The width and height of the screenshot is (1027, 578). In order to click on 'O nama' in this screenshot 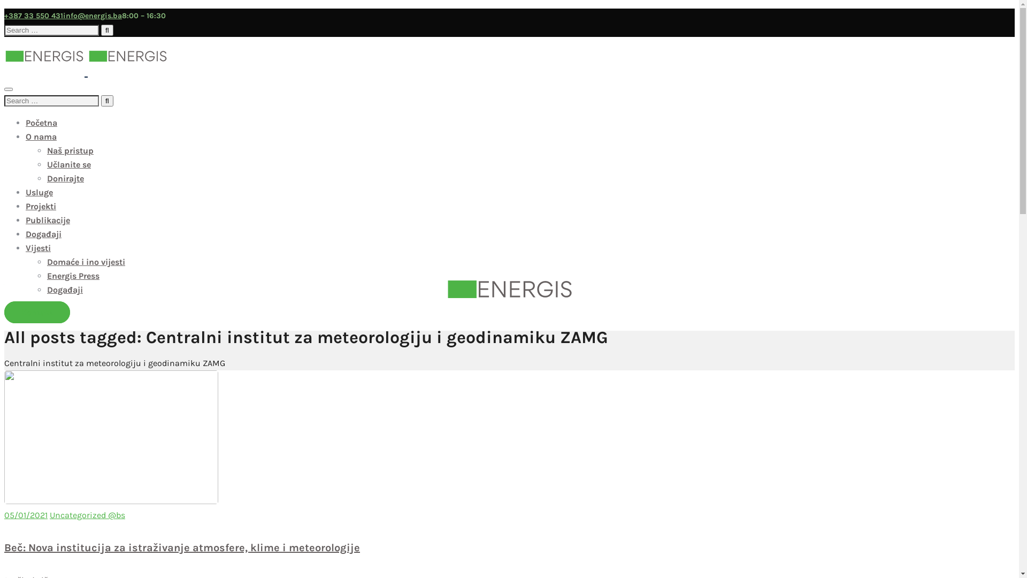, I will do `click(41, 136)`.